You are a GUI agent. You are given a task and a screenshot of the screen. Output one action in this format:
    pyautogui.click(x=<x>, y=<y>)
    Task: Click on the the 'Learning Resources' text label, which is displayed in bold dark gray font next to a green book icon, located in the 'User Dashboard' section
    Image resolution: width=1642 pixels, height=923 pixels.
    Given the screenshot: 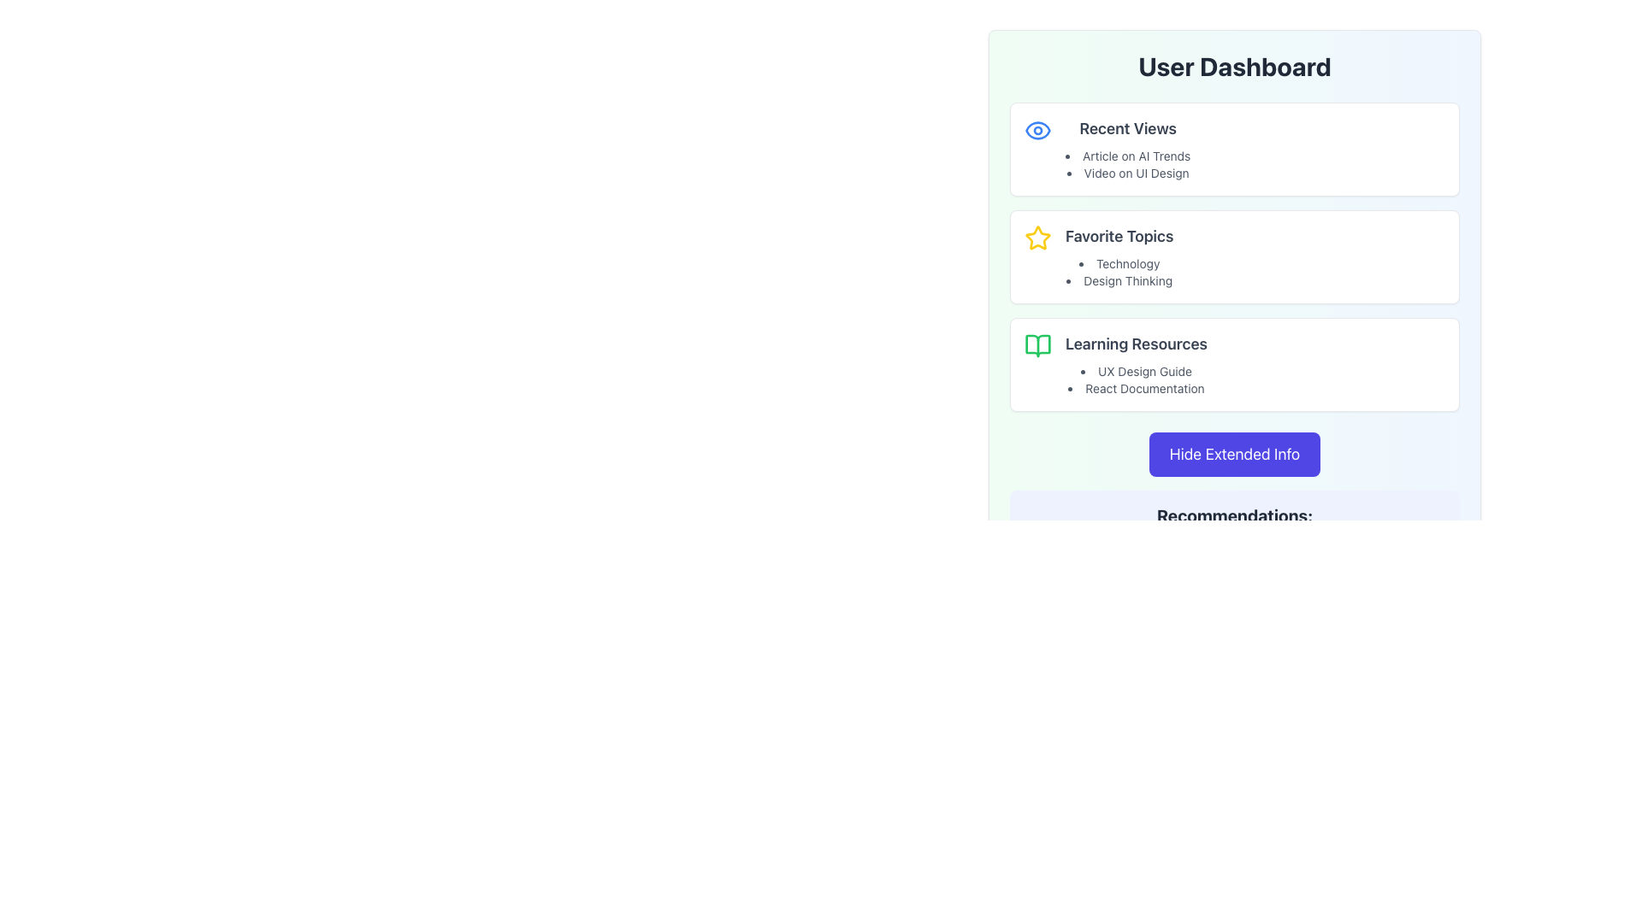 What is the action you would take?
    pyautogui.click(x=1137, y=344)
    